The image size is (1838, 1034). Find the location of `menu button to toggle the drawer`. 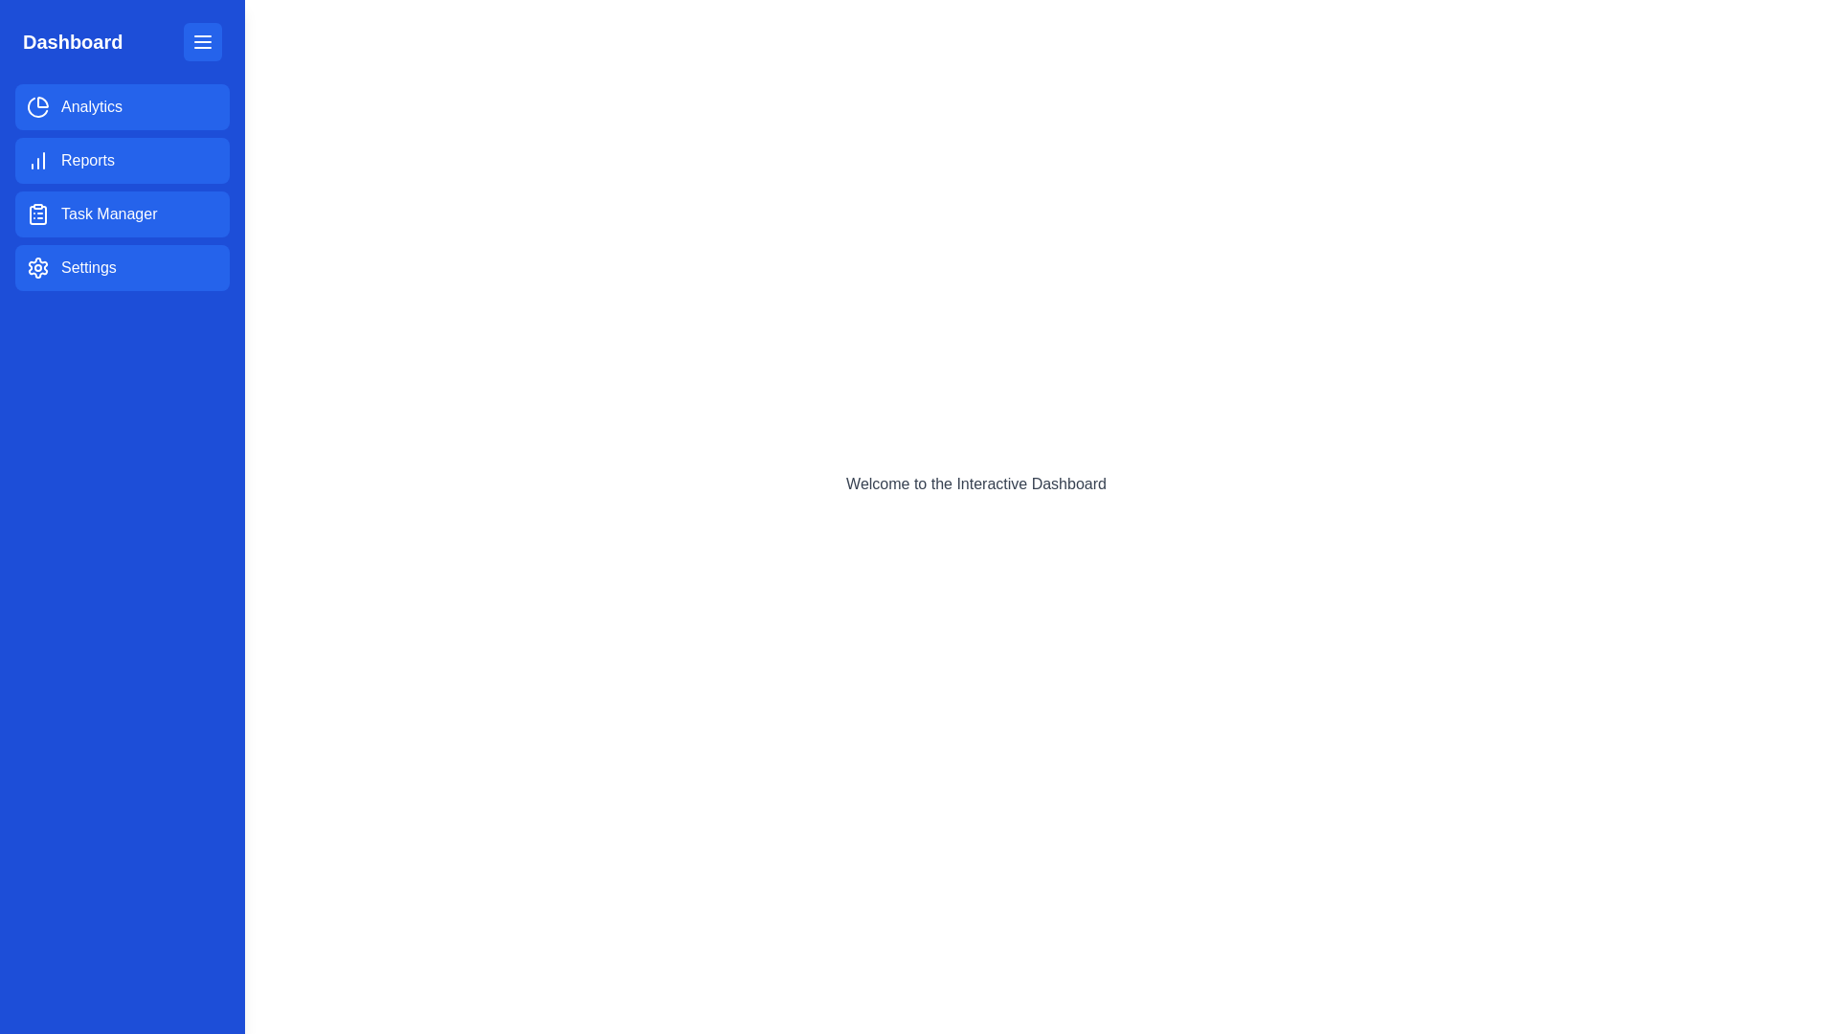

menu button to toggle the drawer is located at coordinates (202, 41).